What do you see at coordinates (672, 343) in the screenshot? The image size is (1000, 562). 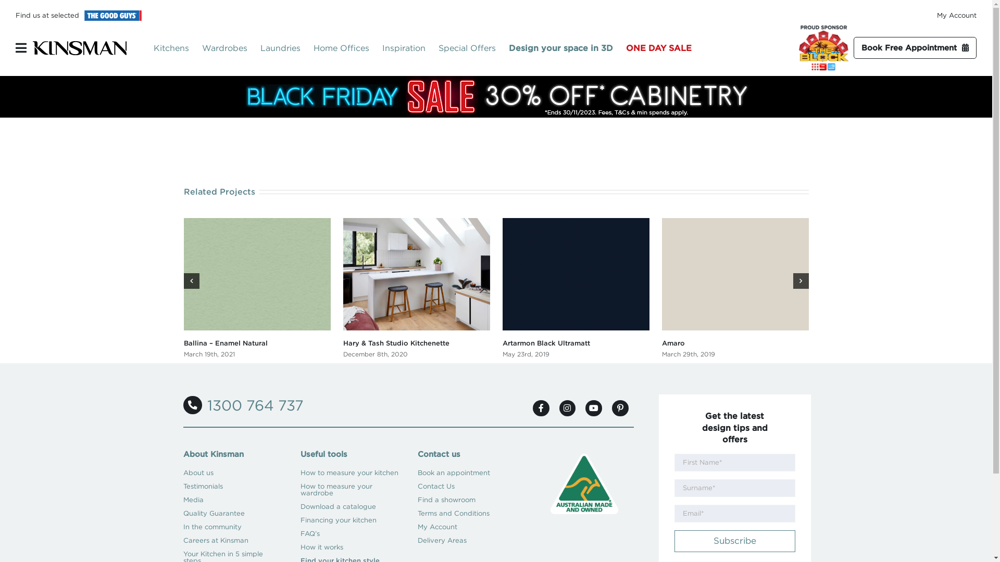 I see `'Amaro'` at bounding box center [672, 343].